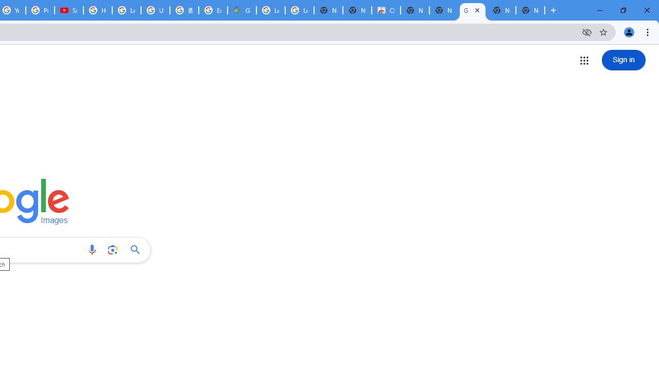 The image size is (659, 370). Describe the element at coordinates (472, 10) in the screenshot. I see `'Google Images'` at that location.